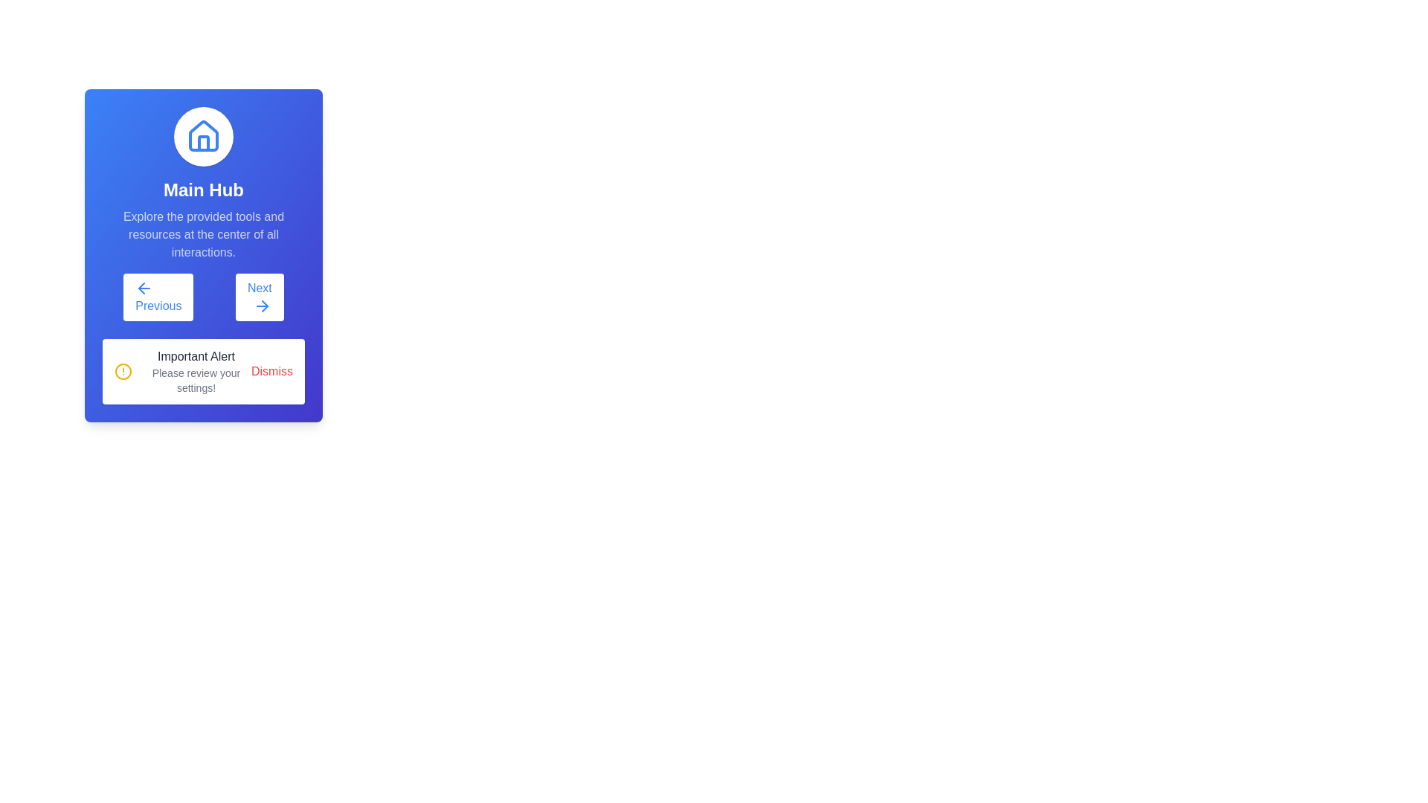  Describe the element at coordinates (202, 137) in the screenshot. I see `the white circular button featuring a house icon, located centrally within the card structure above the 'Main Hub' heading` at that location.